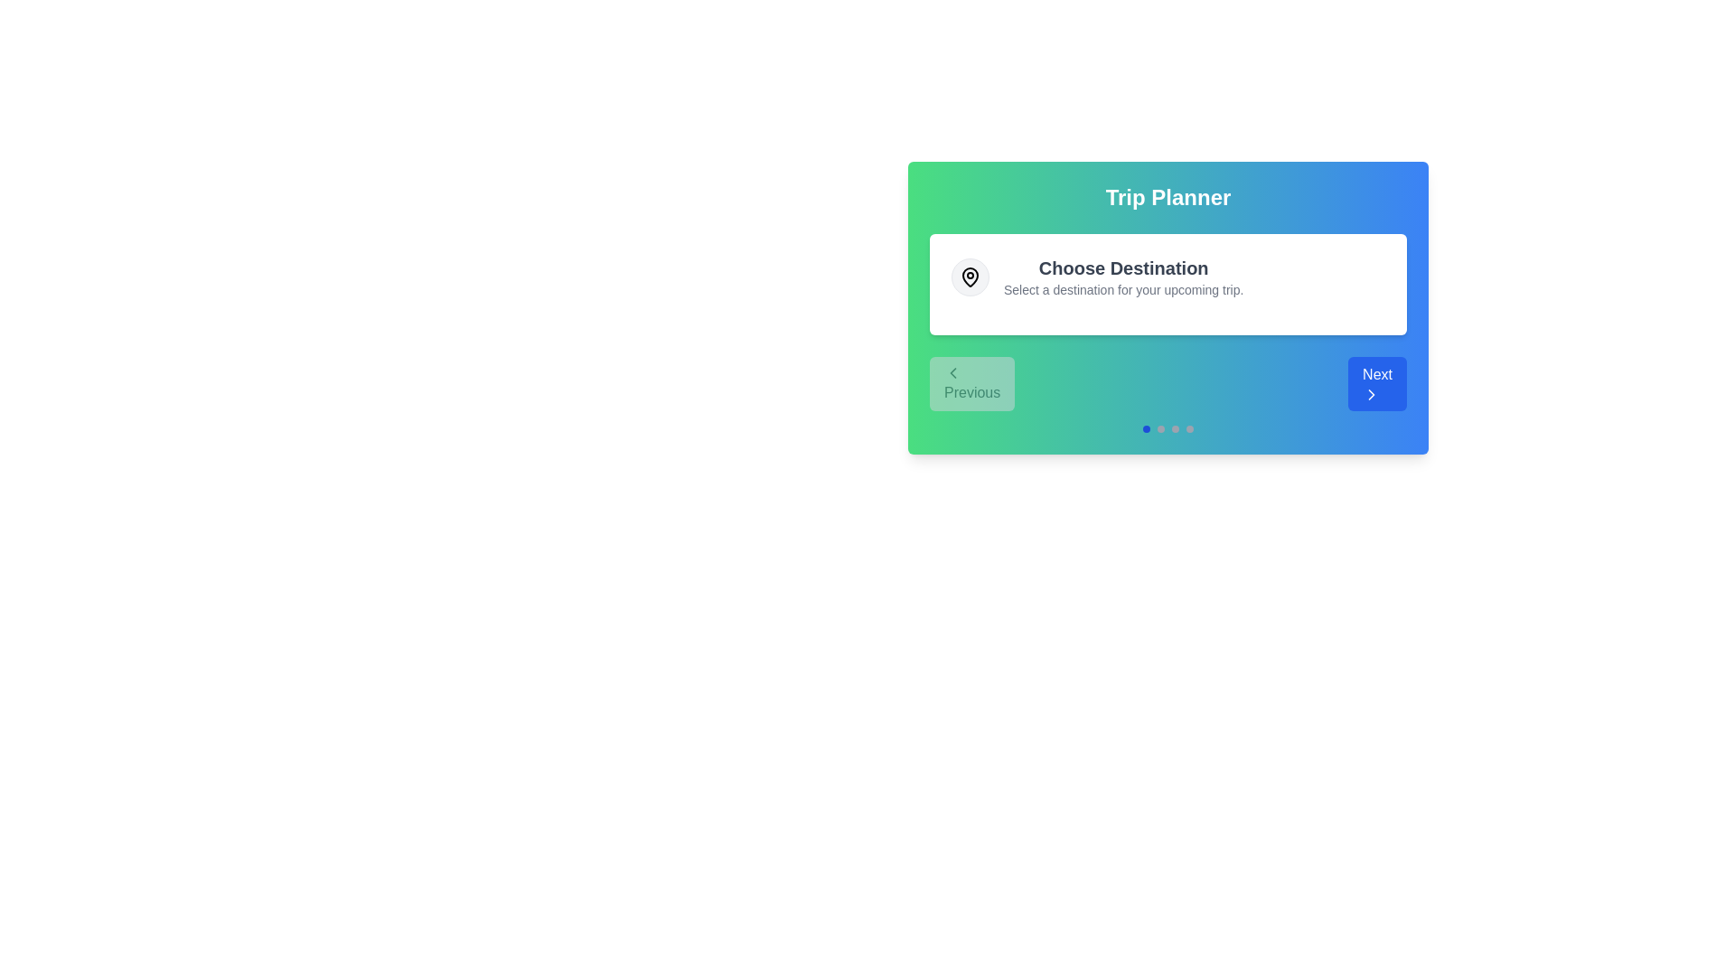  I want to click on the right-facing chevron icon within the blue 'Next' button at the bottom right of the interface, so click(1372, 393).